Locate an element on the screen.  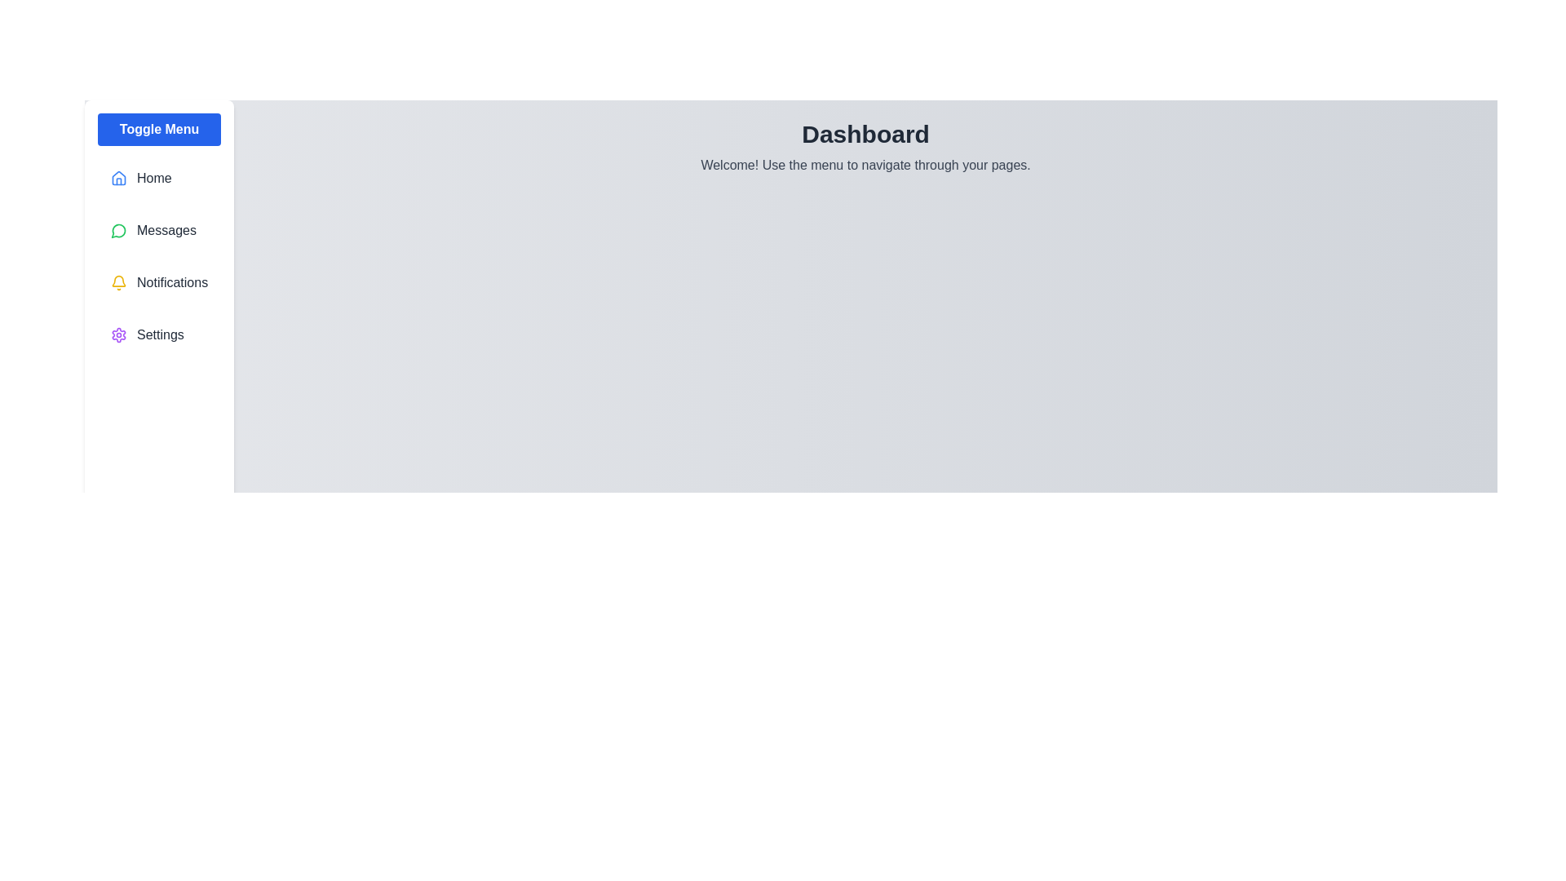
the menu item labeled Settings to observe the hover effect is located at coordinates (159, 334).